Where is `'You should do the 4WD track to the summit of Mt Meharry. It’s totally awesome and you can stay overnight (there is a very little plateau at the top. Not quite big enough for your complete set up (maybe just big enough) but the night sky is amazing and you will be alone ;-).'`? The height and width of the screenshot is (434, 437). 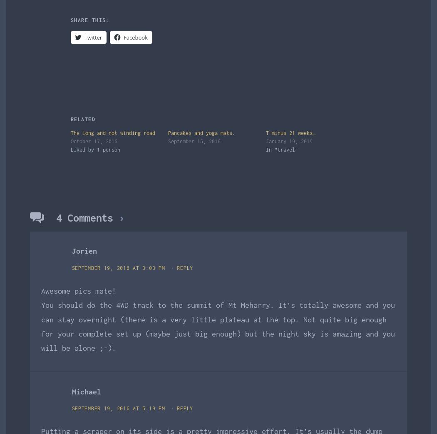
'You should do the 4WD track to the summit of Mt Meharry. It’s totally awesome and you can stay overnight (there is a very little plateau at the top. Not quite big enough for your complete set up (maybe just big enough) but the night sky is amazing and you will be alone ;-).' is located at coordinates (41, 327).